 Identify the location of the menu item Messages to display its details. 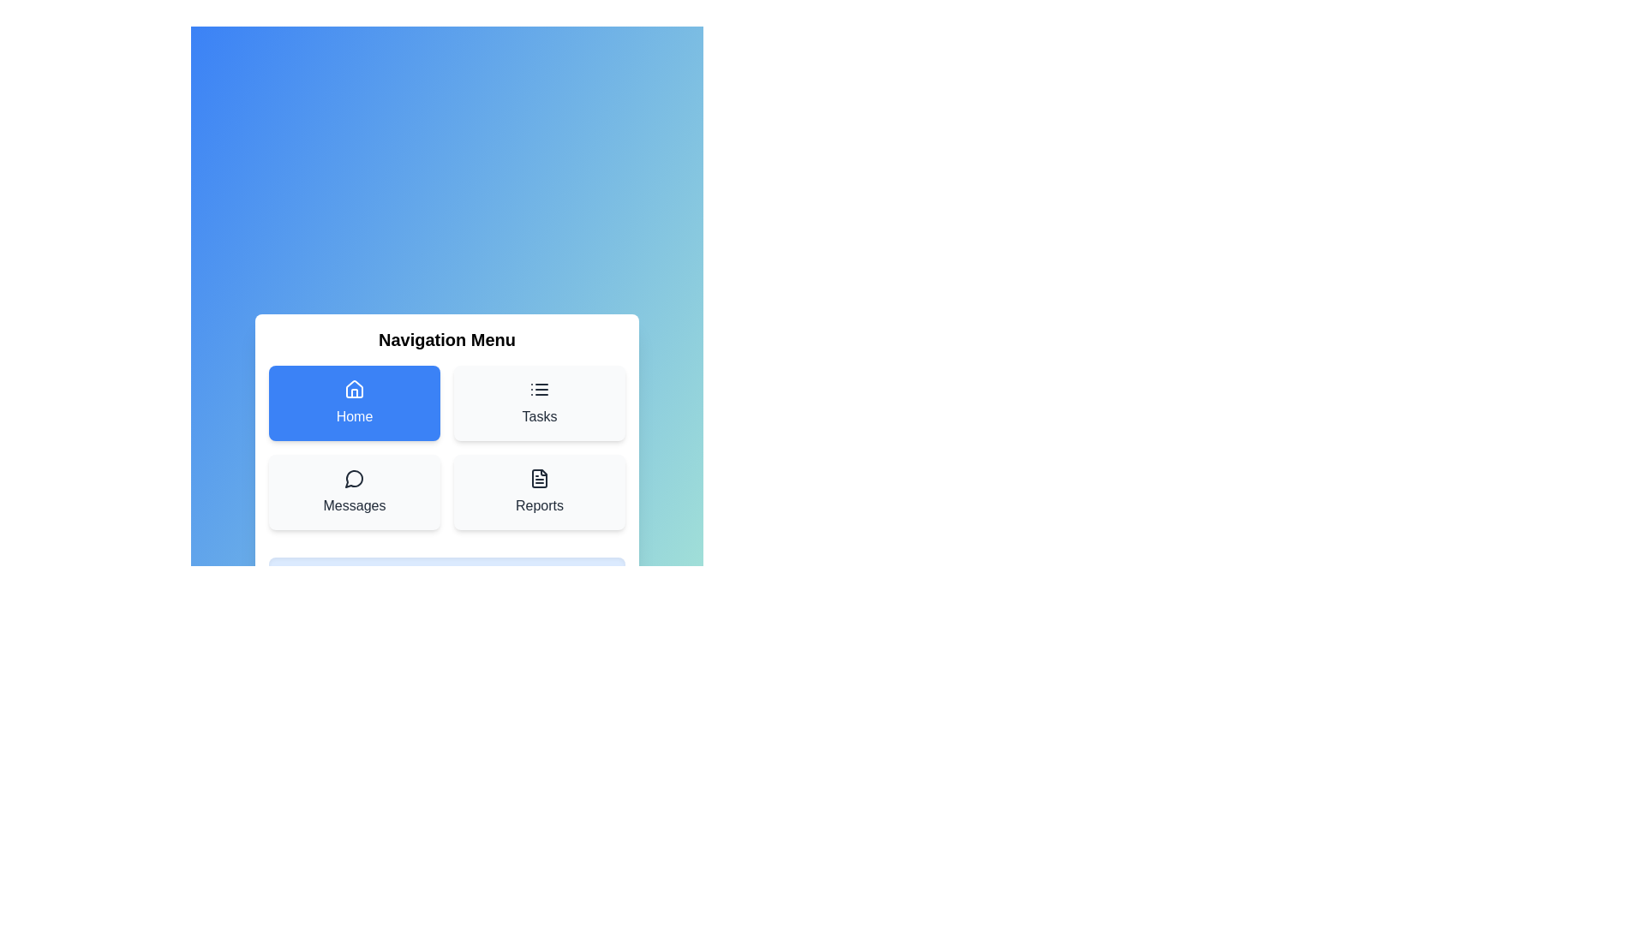
(353, 492).